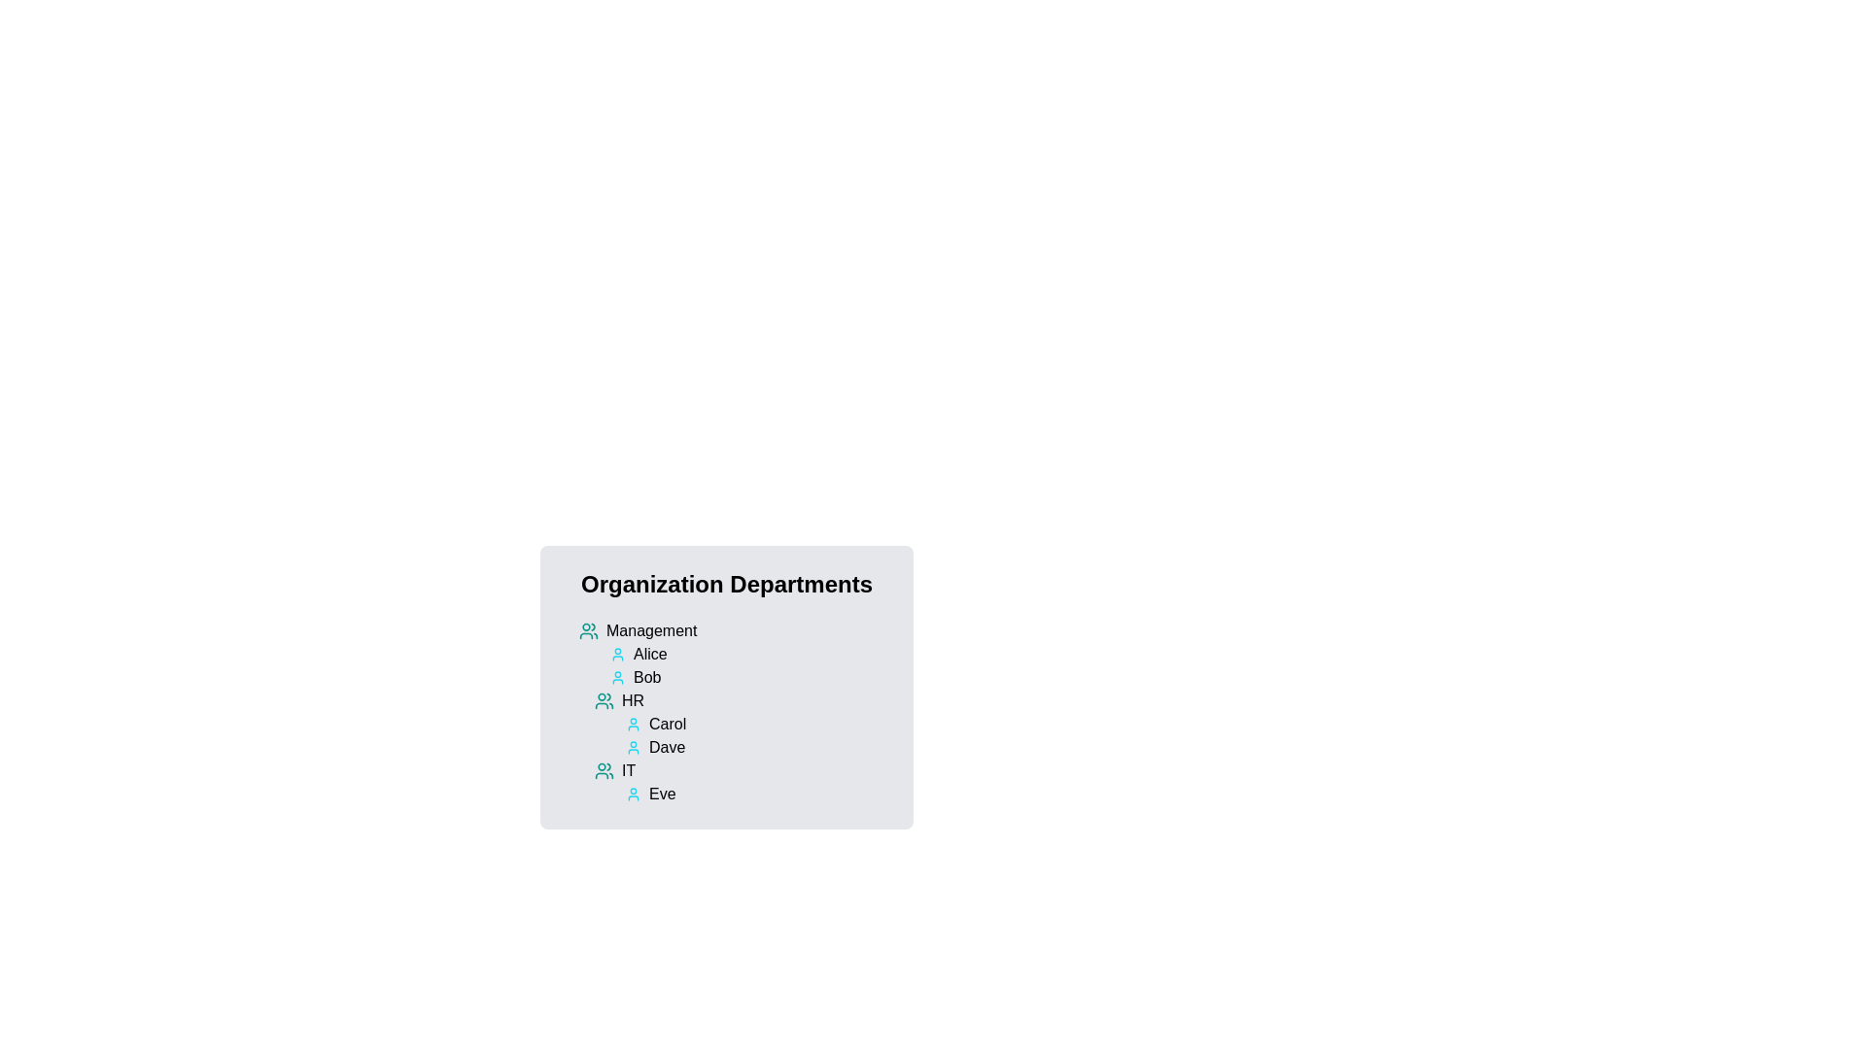  What do you see at coordinates (749, 677) in the screenshot?
I see `the list item representing 'Bob' in the 'Management' group` at bounding box center [749, 677].